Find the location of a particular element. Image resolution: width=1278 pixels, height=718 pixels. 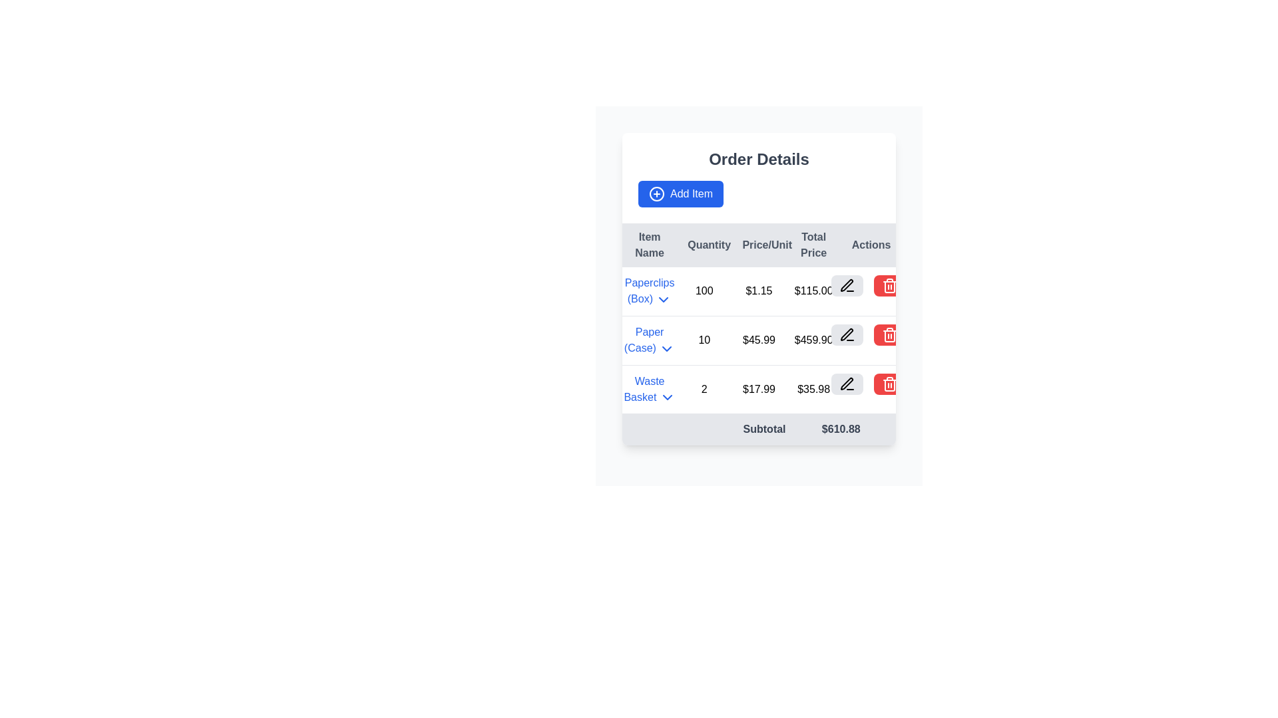

the 'Quantity' column header in the 'Order Details' table is located at coordinates (704, 245).